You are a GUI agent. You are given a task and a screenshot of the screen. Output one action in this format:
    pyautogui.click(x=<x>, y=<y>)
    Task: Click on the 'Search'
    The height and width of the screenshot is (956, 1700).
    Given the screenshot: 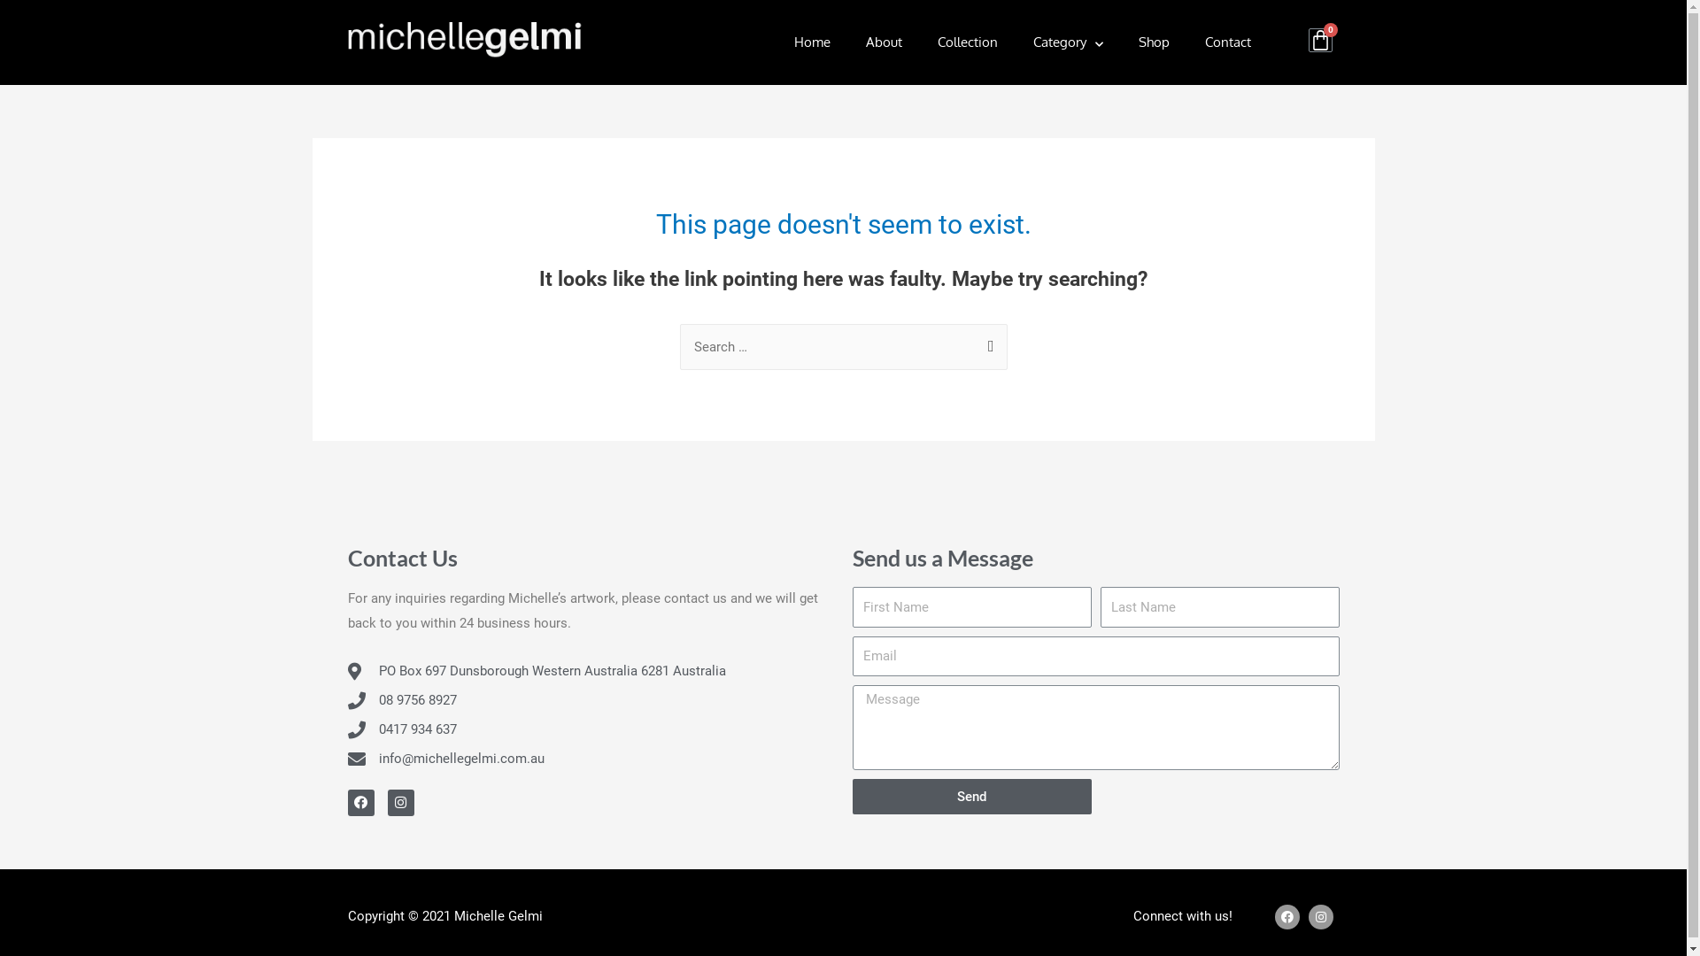 What is the action you would take?
    pyautogui.click(x=985, y=342)
    